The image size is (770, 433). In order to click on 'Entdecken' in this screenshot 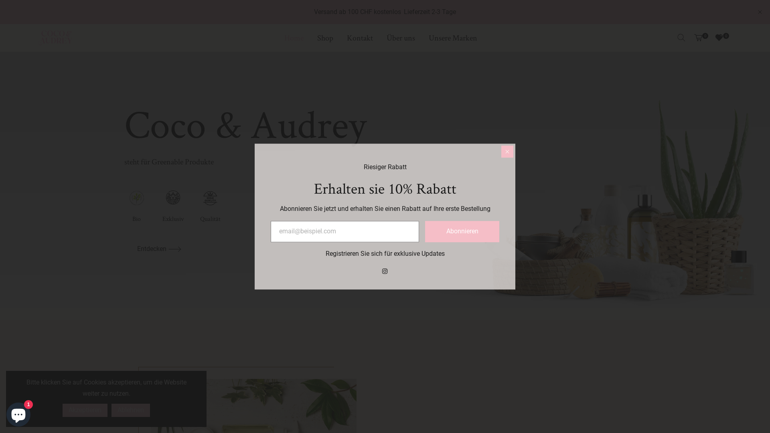, I will do `click(159, 249)`.